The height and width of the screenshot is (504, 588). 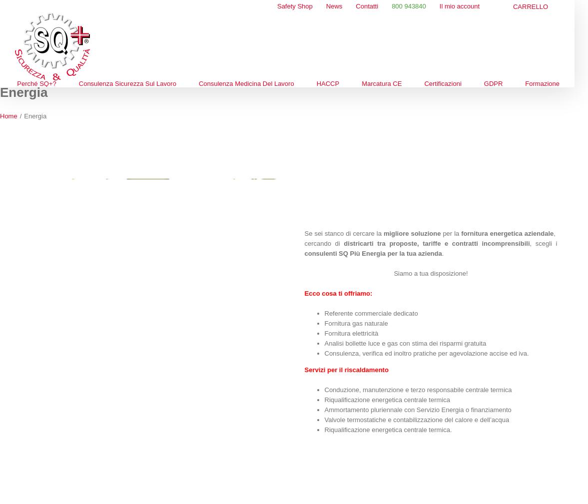 What do you see at coordinates (232, 121) in the screenshot?
I see `'Protocolli sanitari'` at bounding box center [232, 121].